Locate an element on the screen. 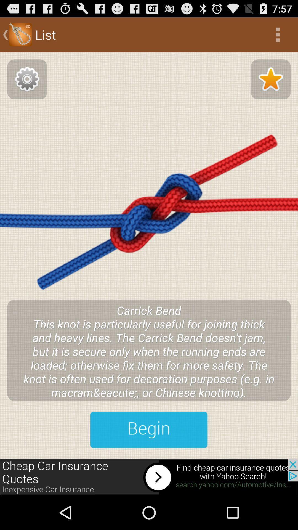 The width and height of the screenshot is (298, 530). the star icon is located at coordinates (270, 84).